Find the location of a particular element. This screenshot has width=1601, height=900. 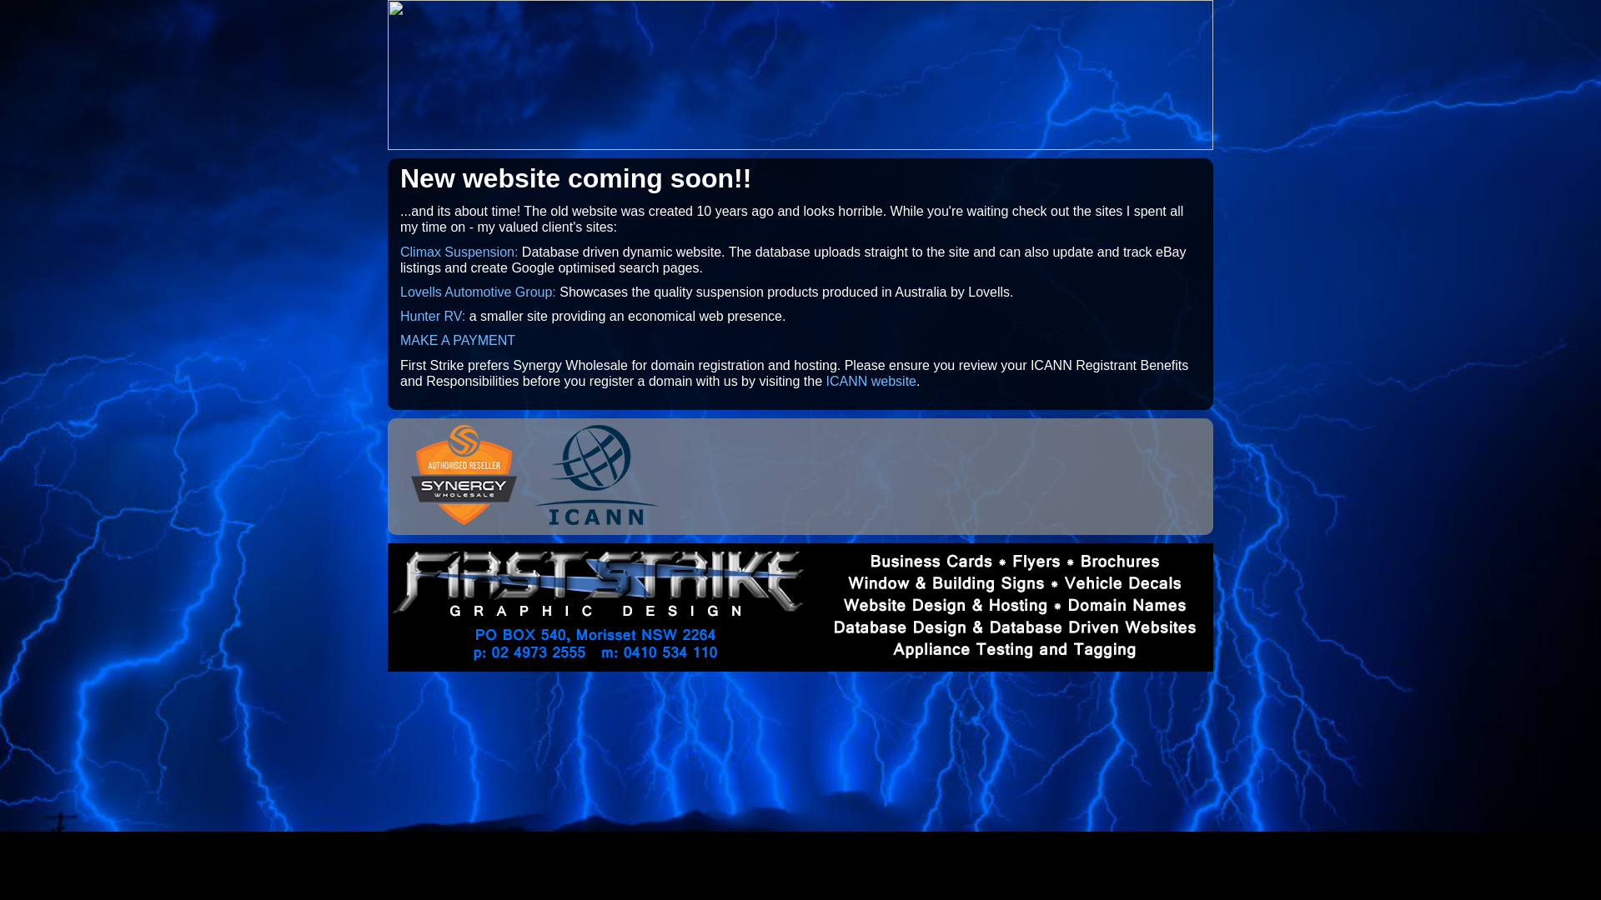

'Lovells Automotive Group:' is located at coordinates (400, 291).